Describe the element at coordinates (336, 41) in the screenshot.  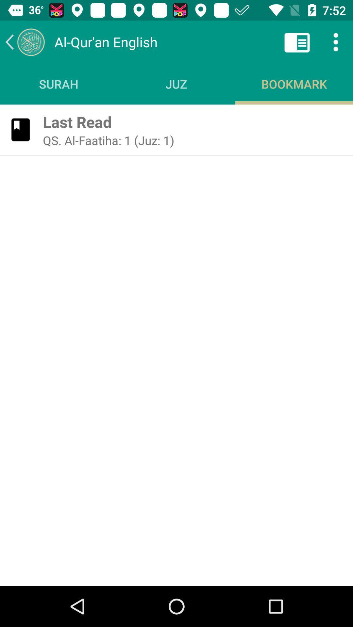
I see `icon above the bookmark` at that location.